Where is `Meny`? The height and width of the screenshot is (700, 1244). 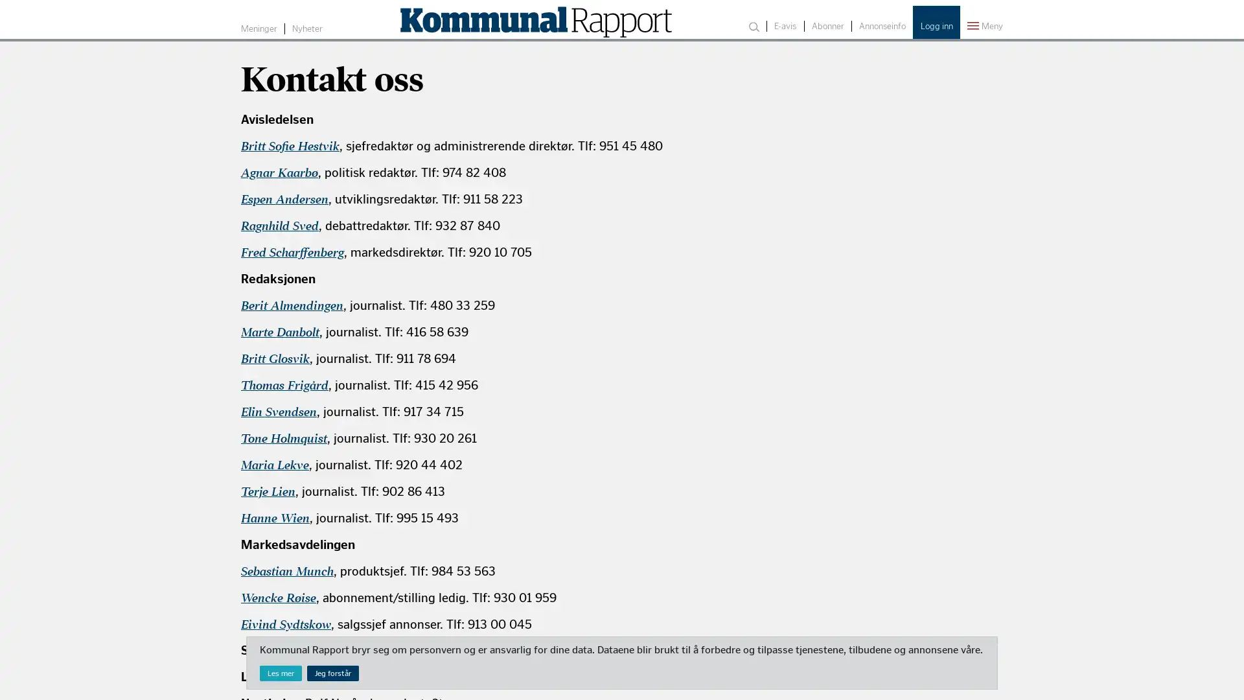
Meny is located at coordinates (980, 27).